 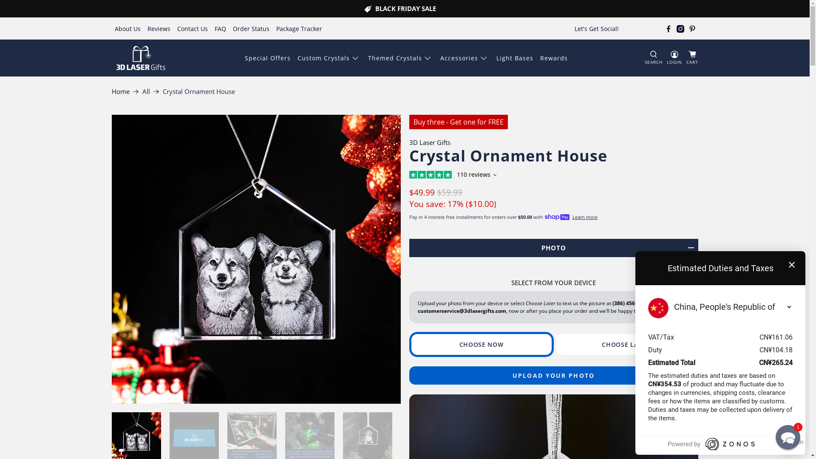 What do you see at coordinates (250, 28) in the screenshot?
I see `'Order Status'` at bounding box center [250, 28].